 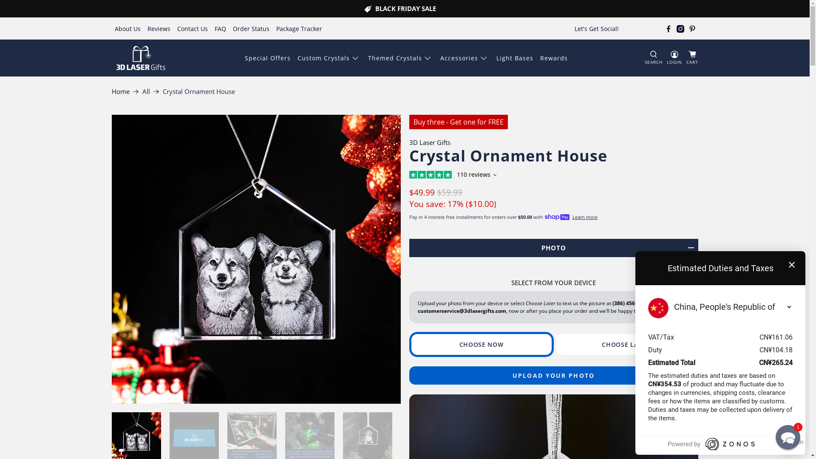 What do you see at coordinates (250, 28) in the screenshot?
I see `'Order Status'` at bounding box center [250, 28].